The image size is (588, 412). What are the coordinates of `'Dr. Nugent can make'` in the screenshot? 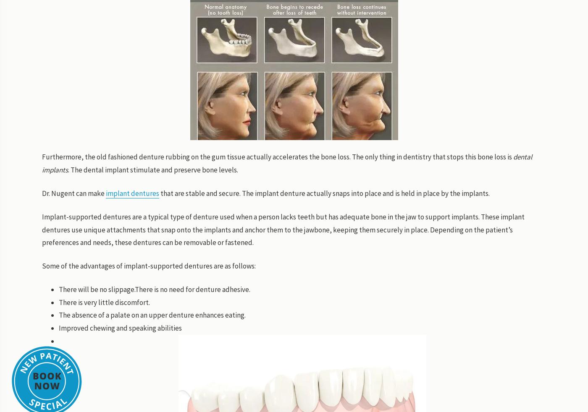 It's located at (42, 193).